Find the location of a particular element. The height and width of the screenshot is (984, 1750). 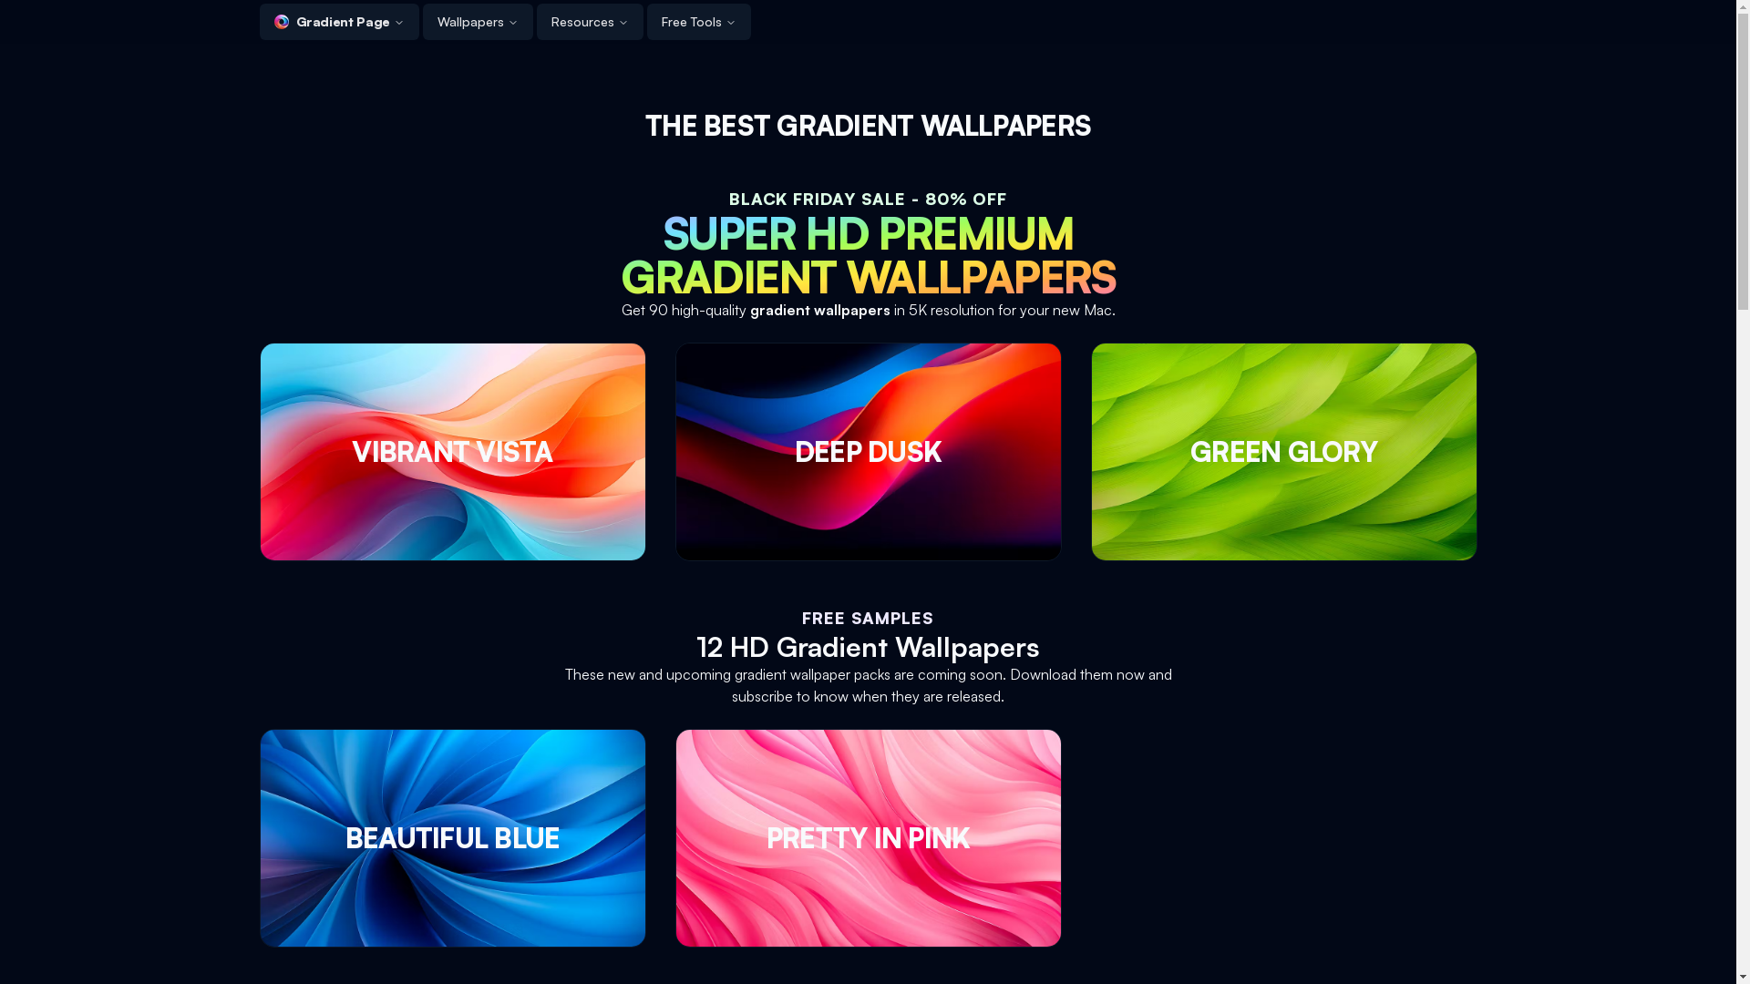

'DEEP DUSK' is located at coordinates (866, 451).